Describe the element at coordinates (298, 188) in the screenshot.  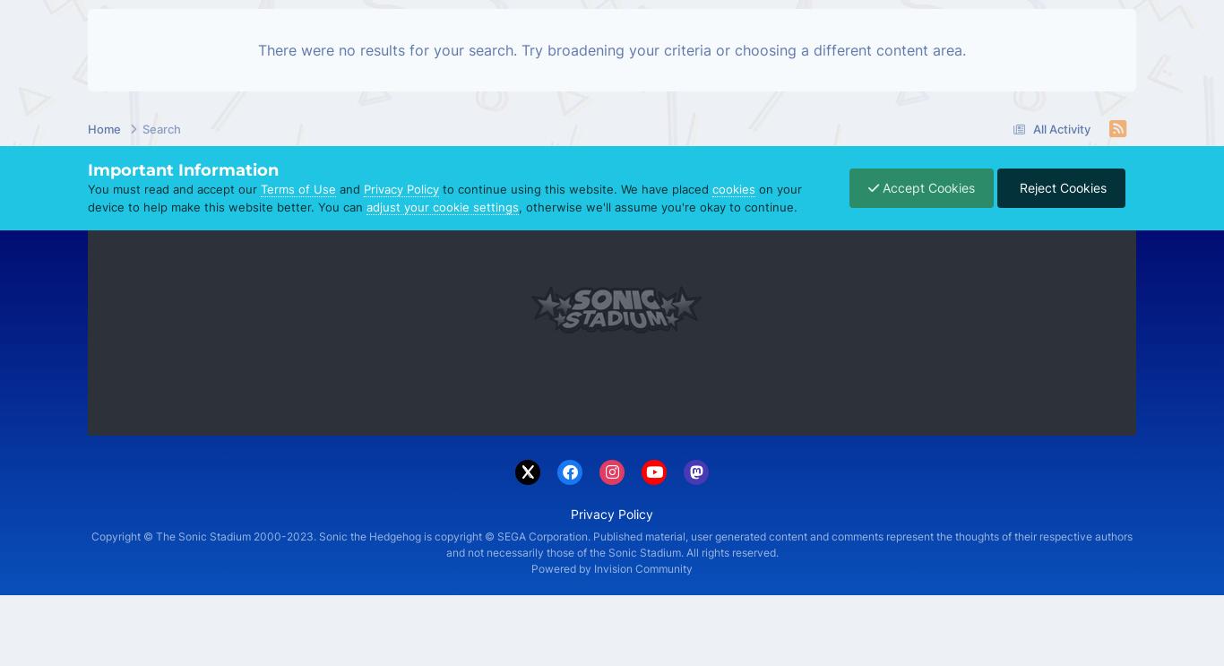
I see `'Terms of Use'` at that location.